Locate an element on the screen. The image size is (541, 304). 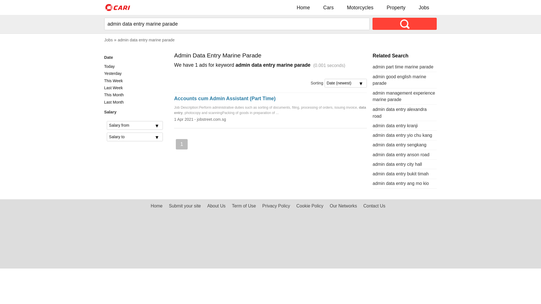
'1' is located at coordinates (181, 144).